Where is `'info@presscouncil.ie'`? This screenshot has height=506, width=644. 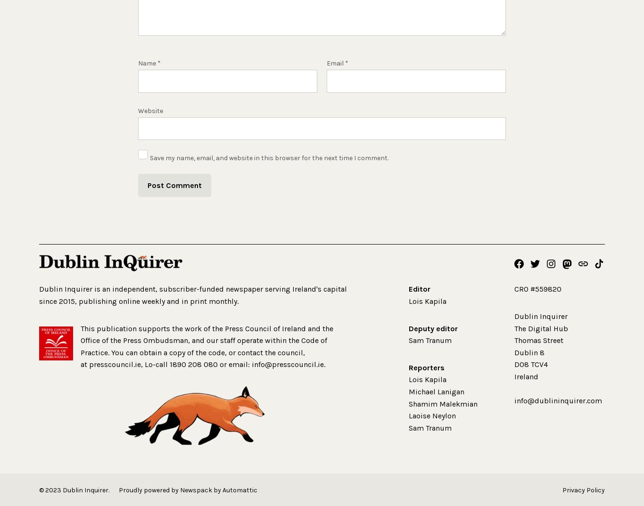 'info@presscouncil.ie' is located at coordinates (287, 364).